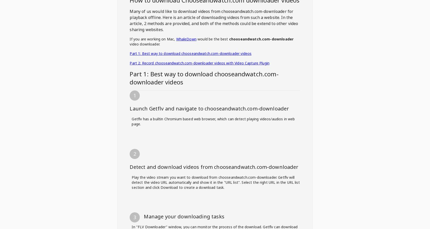 The height and width of the screenshot is (229, 430). I want to click on 'Many of us would like to download videos from', so click(175, 11).